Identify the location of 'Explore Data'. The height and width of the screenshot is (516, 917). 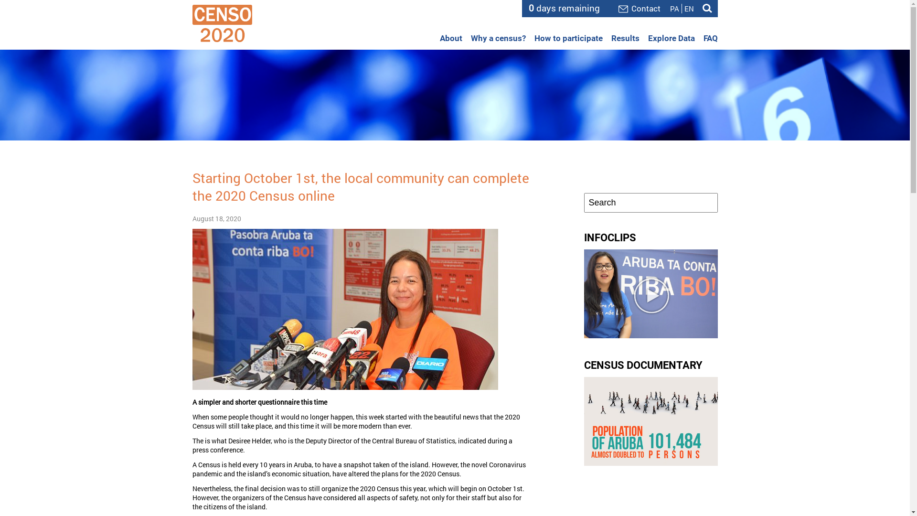
(648, 38).